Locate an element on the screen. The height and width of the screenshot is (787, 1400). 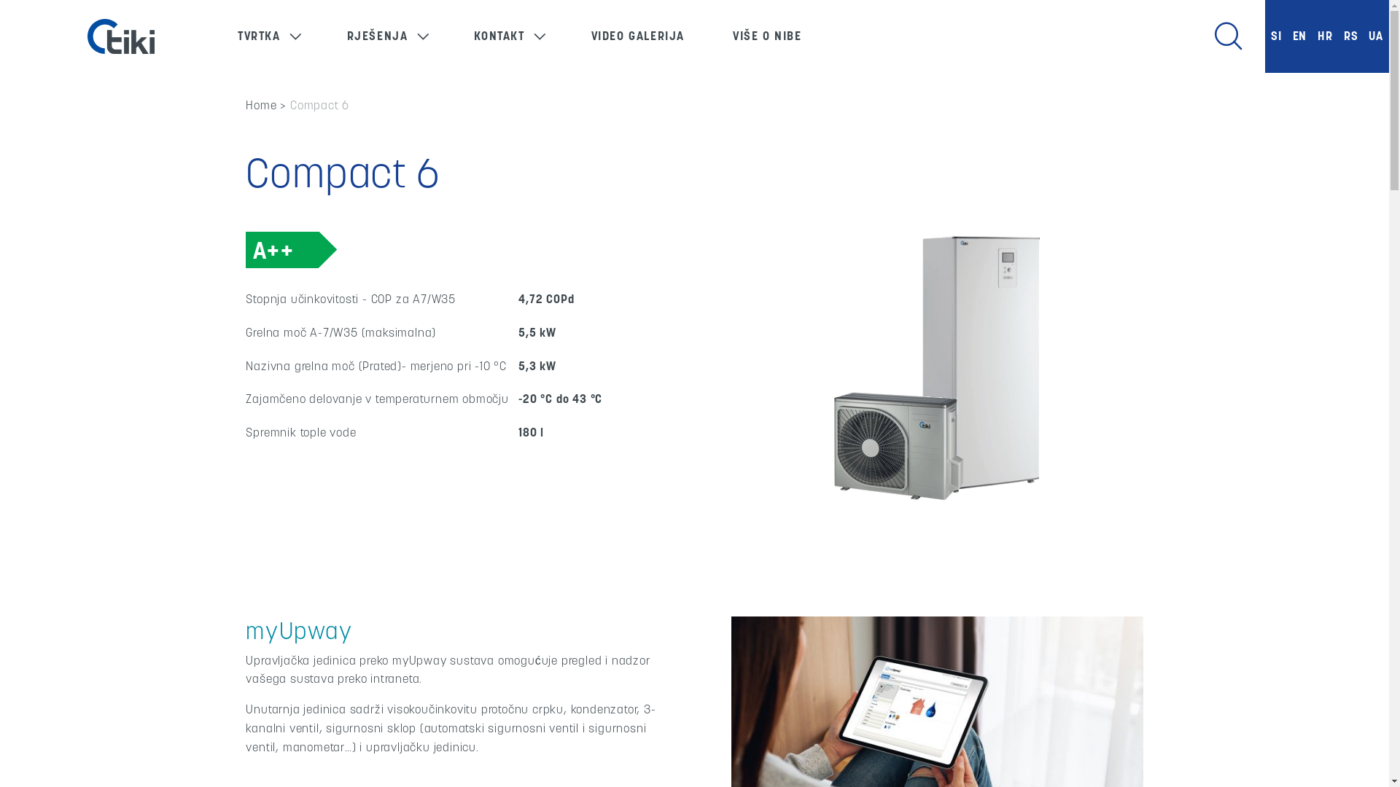
'KONTAKT' is located at coordinates (499, 36).